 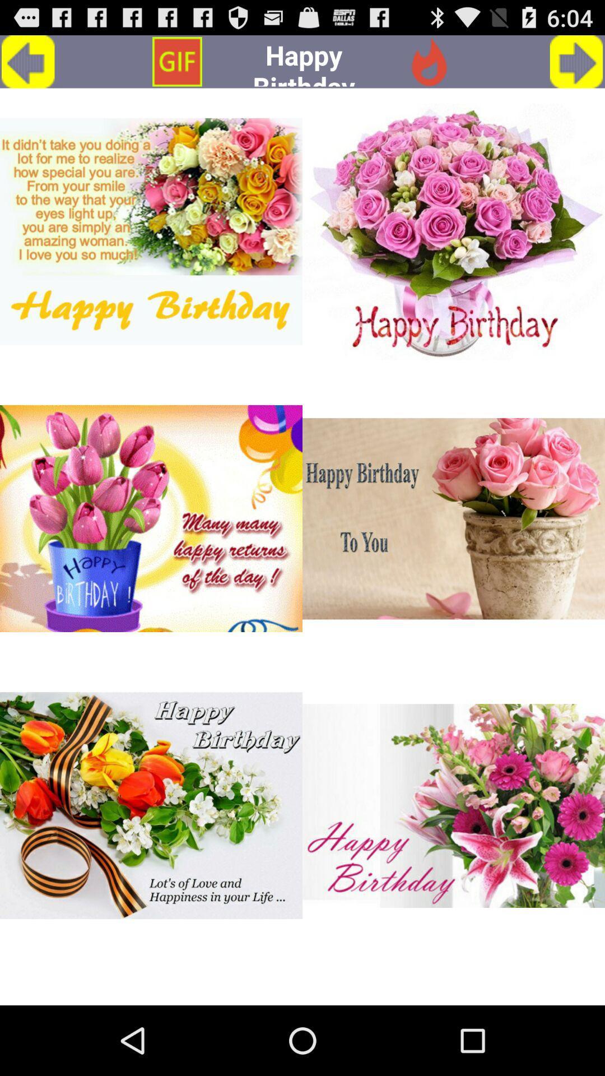 What do you see at coordinates (576, 61) in the screenshot?
I see `next` at bounding box center [576, 61].